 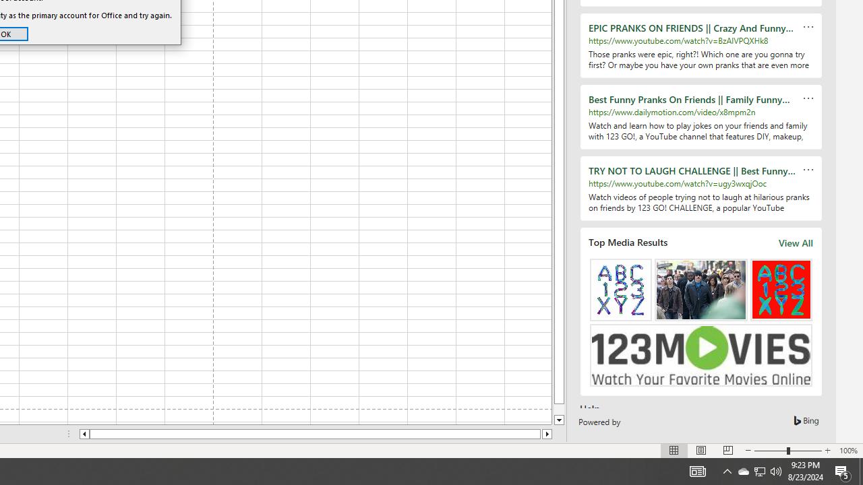 I want to click on 'Page Break Preview', so click(x=727, y=451).